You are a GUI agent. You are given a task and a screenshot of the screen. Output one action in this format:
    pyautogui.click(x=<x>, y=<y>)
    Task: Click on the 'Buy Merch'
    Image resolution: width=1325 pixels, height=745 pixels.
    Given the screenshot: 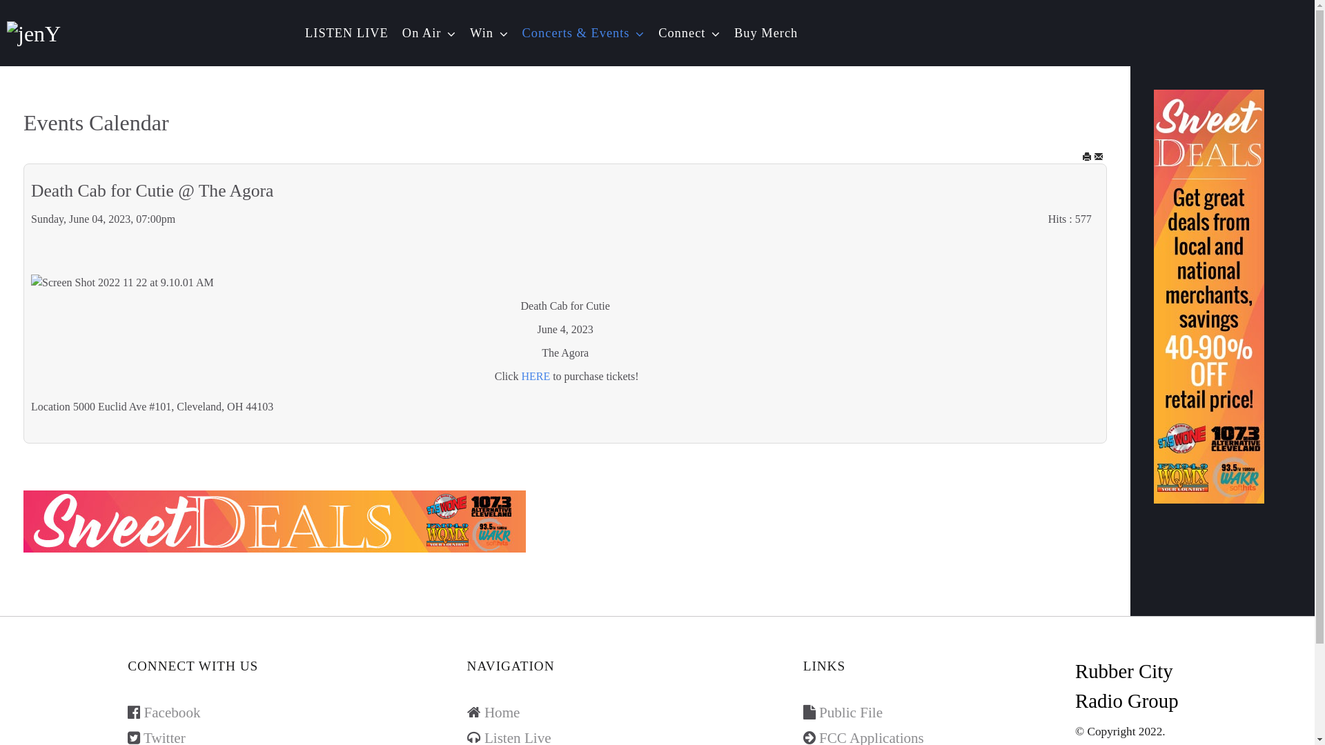 What is the action you would take?
    pyautogui.click(x=765, y=32)
    